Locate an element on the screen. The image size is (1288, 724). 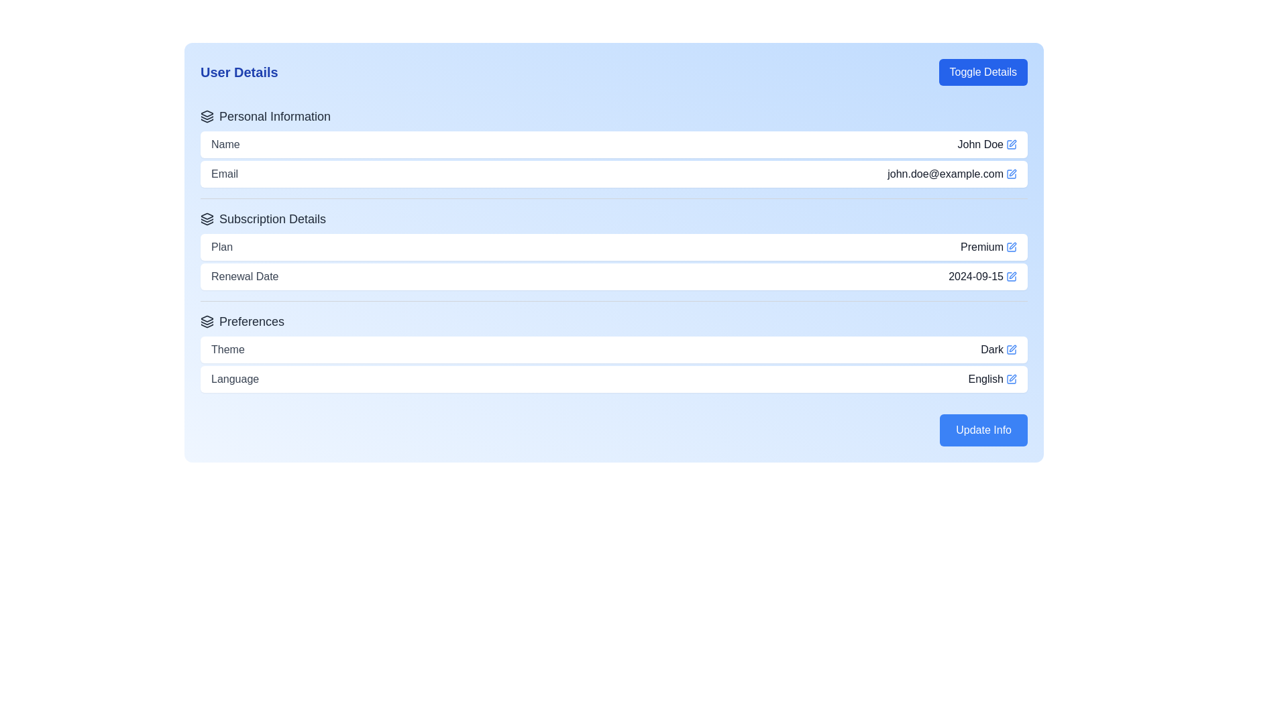
the label indicating the theme setting for 'Dark' located to the far left within the Preferences section is located at coordinates (227, 349).